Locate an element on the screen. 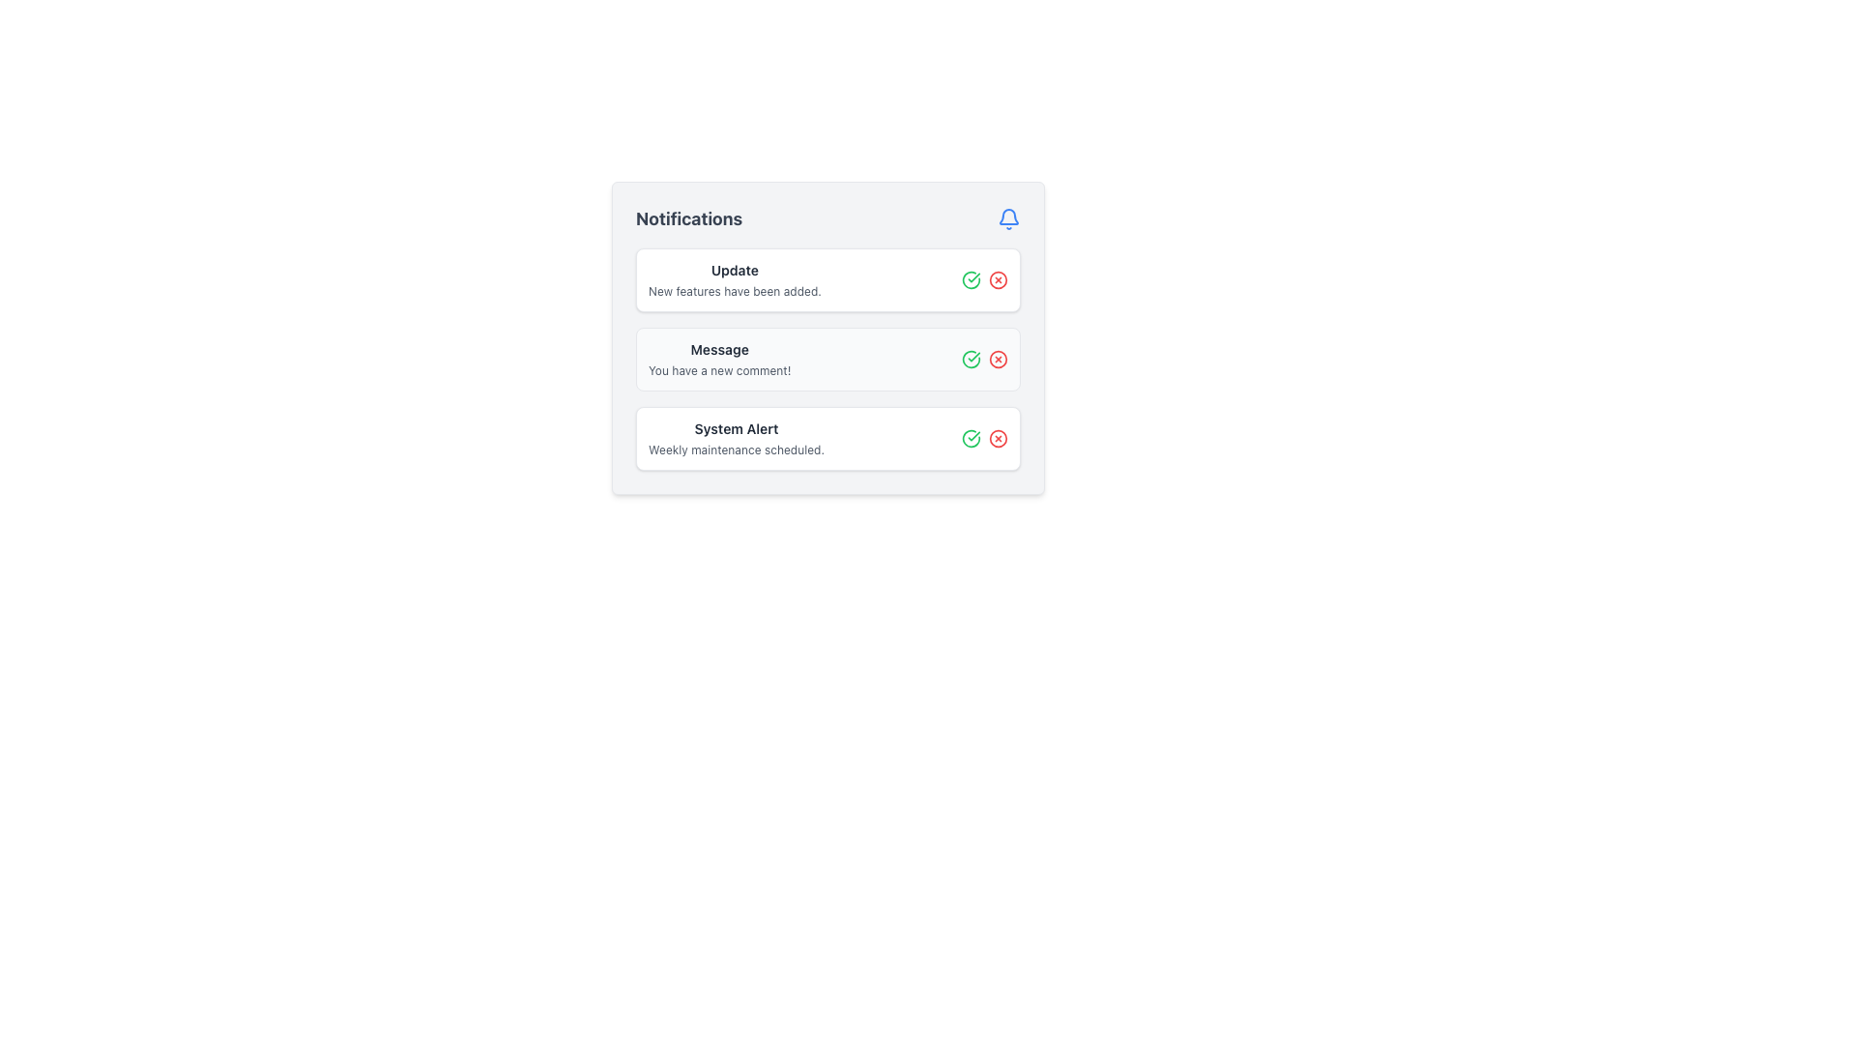 The image size is (1856, 1044). the notification message text label indicating a new comment received, located beneath the 'Message' title in the notifications list is located at coordinates (718, 371).